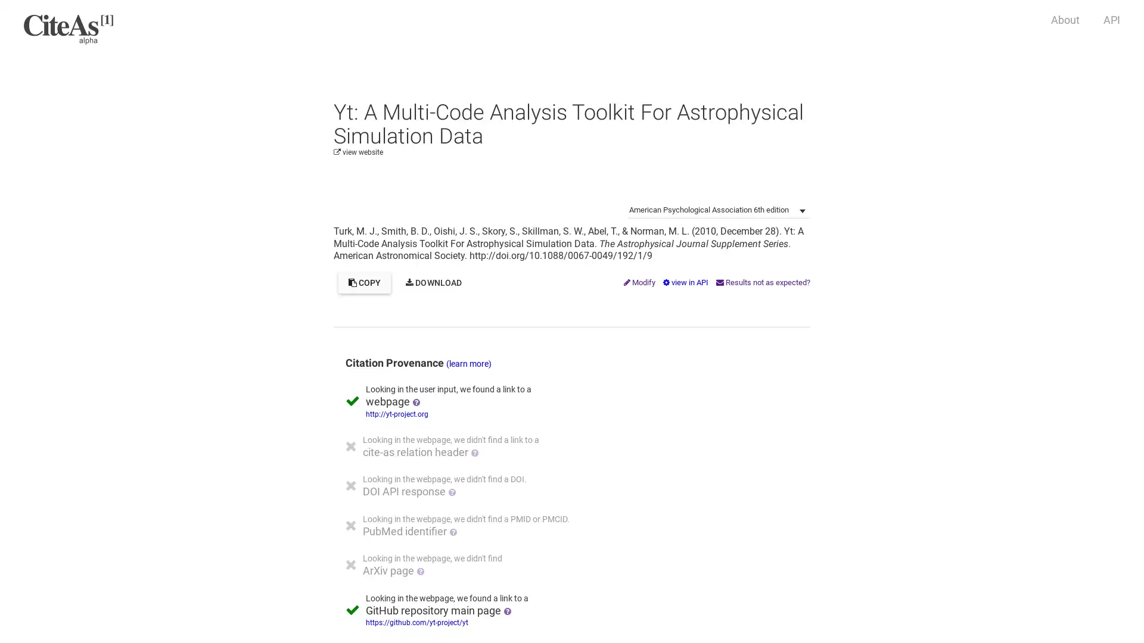  What do you see at coordinates (363, 282) in the screenshot?
I see `Copy` at bounding box center [363, 282].